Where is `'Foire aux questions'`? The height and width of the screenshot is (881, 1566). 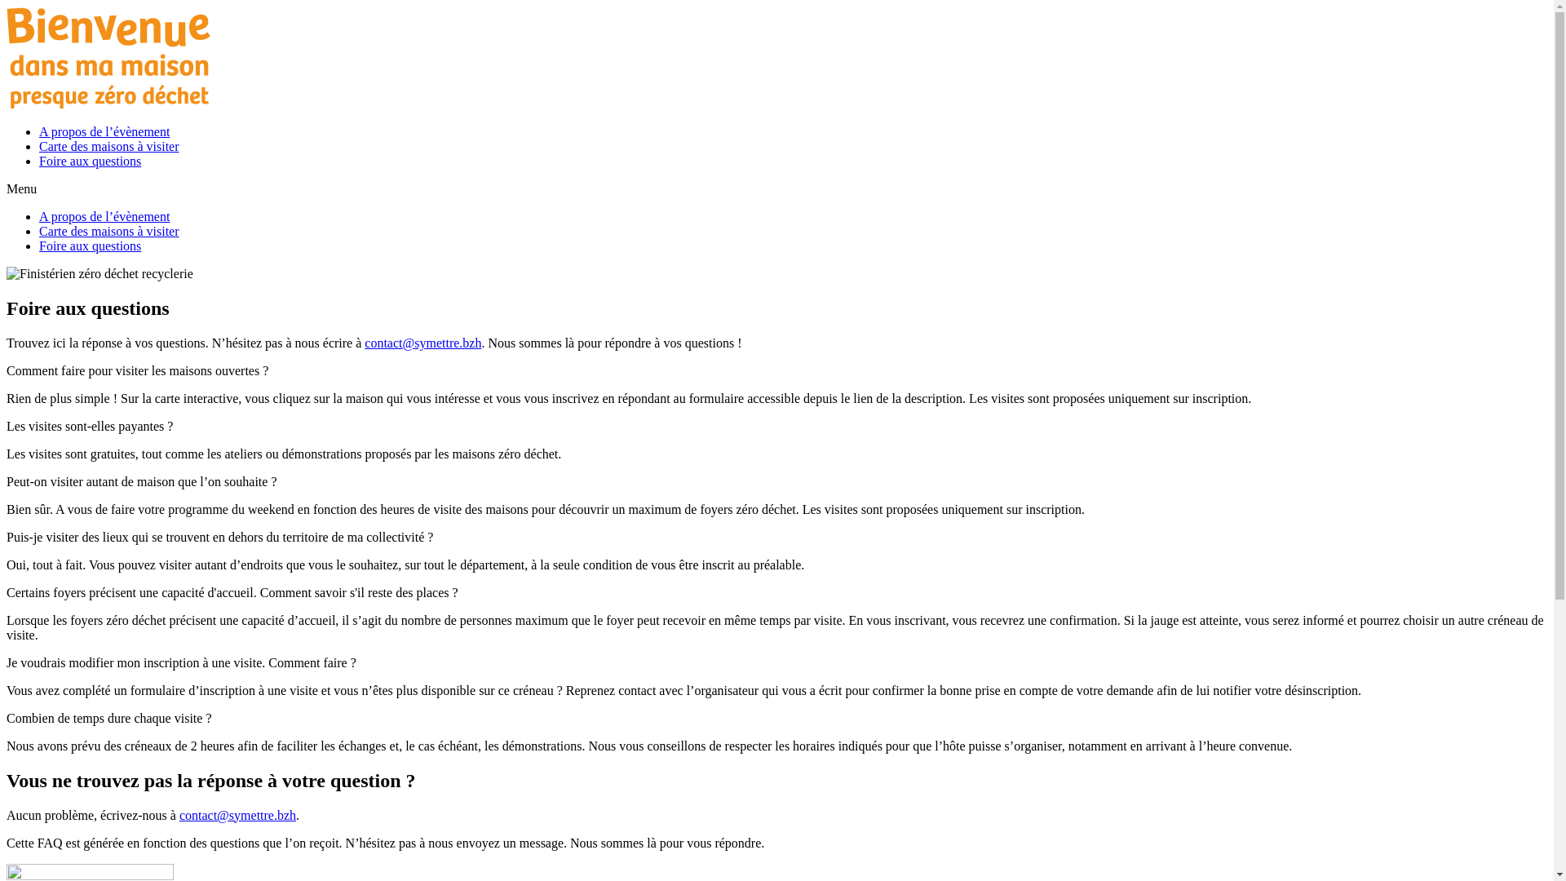
'Foire aux questions' is located at coordinates (89, 246).